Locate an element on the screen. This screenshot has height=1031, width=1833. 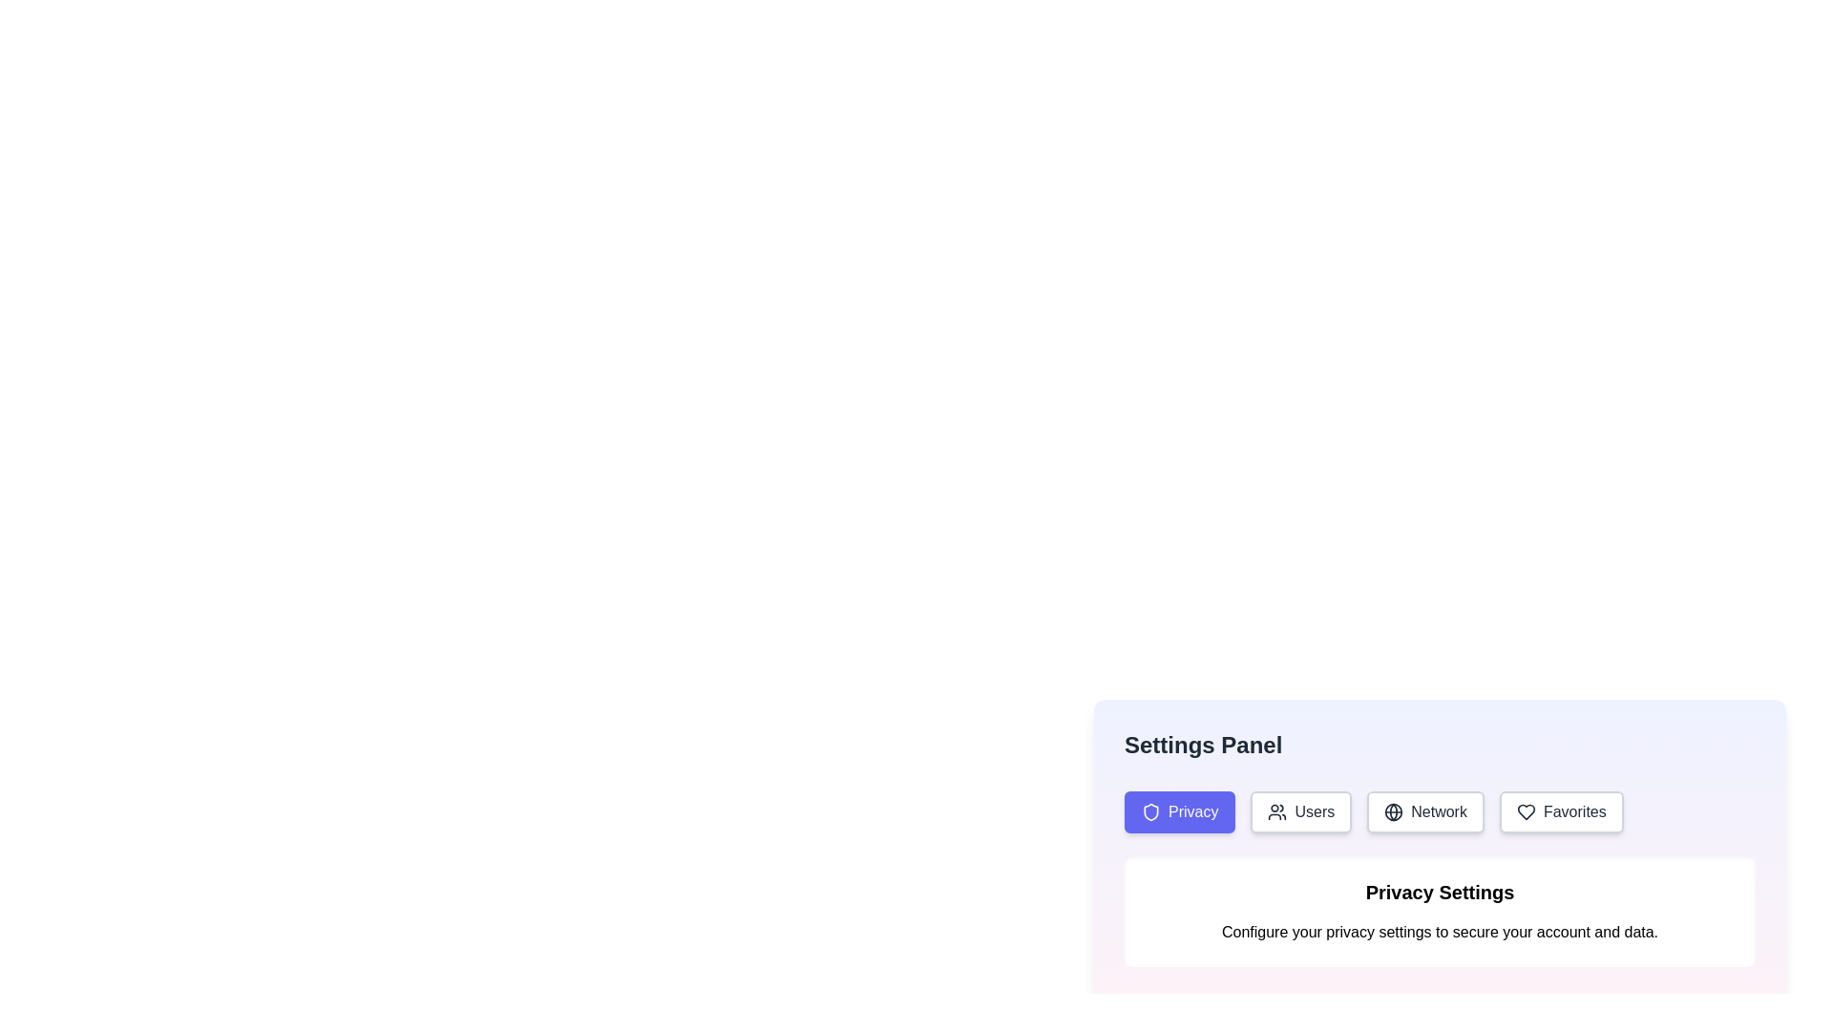
the 'Network' icon located within the rounded rectangular button in the settings menu, which is the first visual component preceding the text is located at coordinates (1394, 812).